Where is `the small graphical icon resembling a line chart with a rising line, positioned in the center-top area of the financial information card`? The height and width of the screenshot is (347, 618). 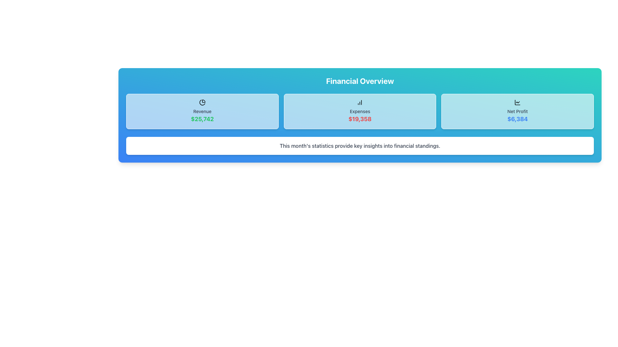 the small graphical icon resembling a line chart with a rising line, positioned in the center-top area of the financial information card is located at coordinates (518, 102).